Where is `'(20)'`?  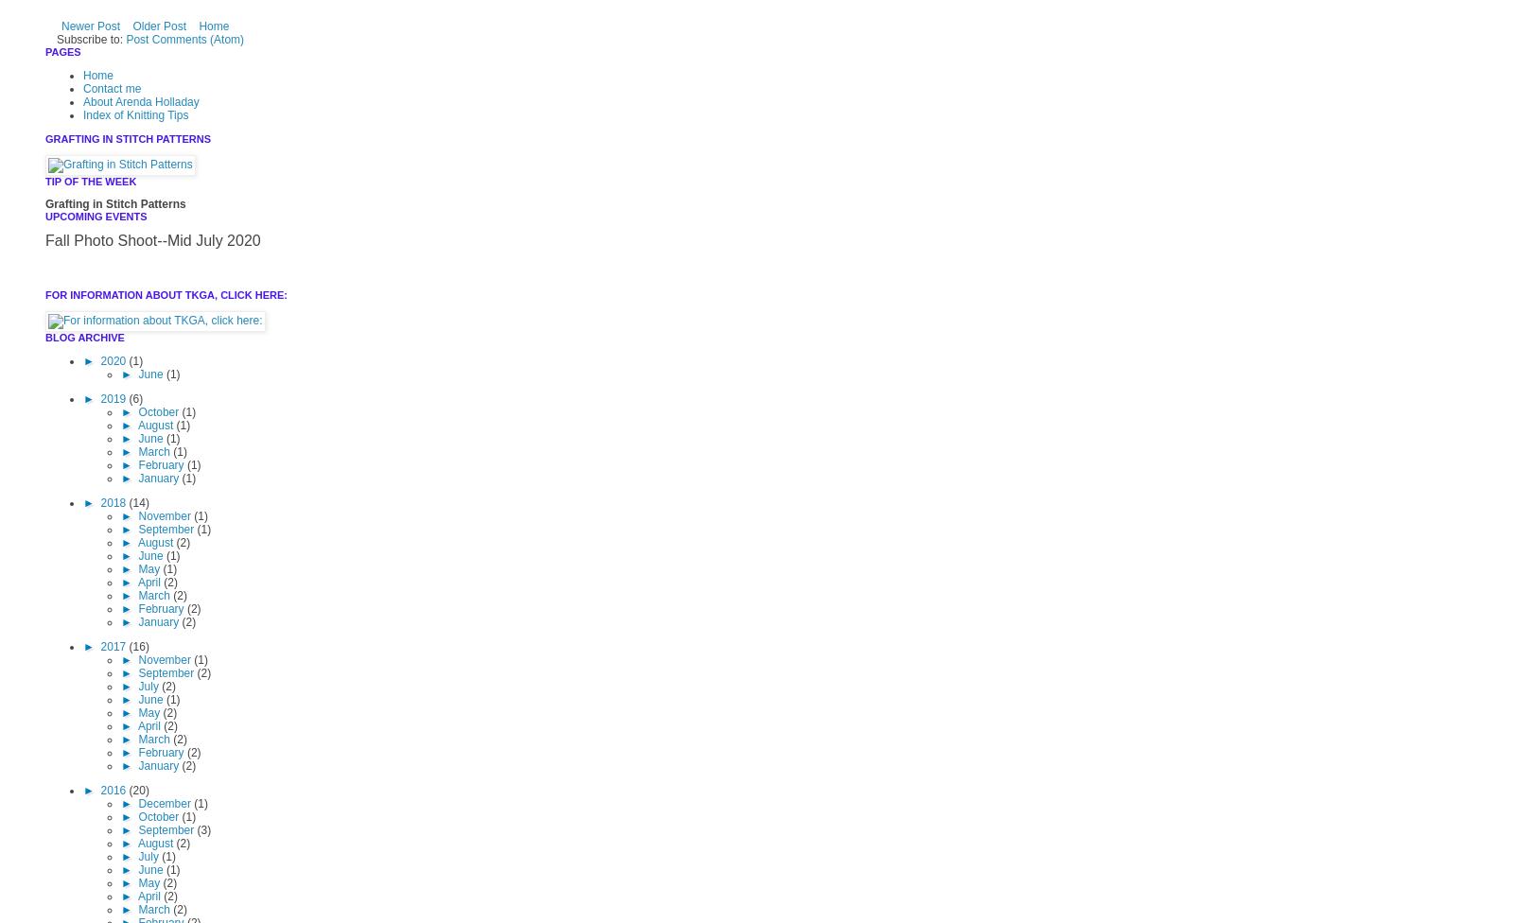
'(20)' is located at coordinates (137, 791).